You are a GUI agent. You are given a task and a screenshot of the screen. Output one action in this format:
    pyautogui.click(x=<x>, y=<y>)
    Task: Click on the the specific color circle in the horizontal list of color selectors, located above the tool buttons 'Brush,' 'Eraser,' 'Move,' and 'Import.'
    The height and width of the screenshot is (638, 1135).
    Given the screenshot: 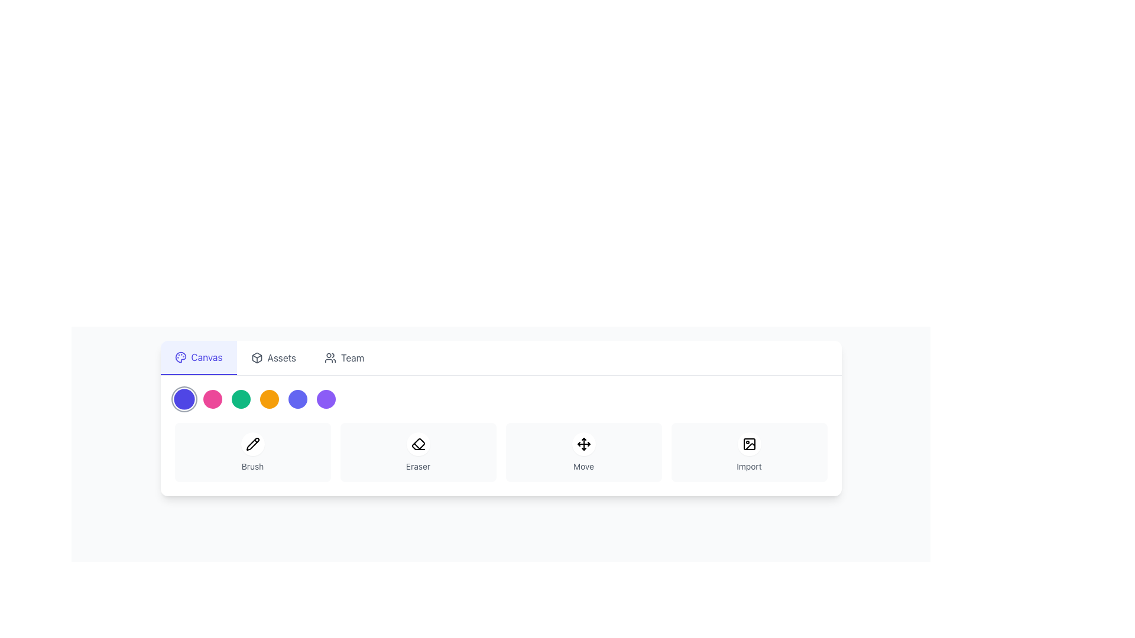 What is the action you would take?
    pyautogui.click(x=501, y=399)
    